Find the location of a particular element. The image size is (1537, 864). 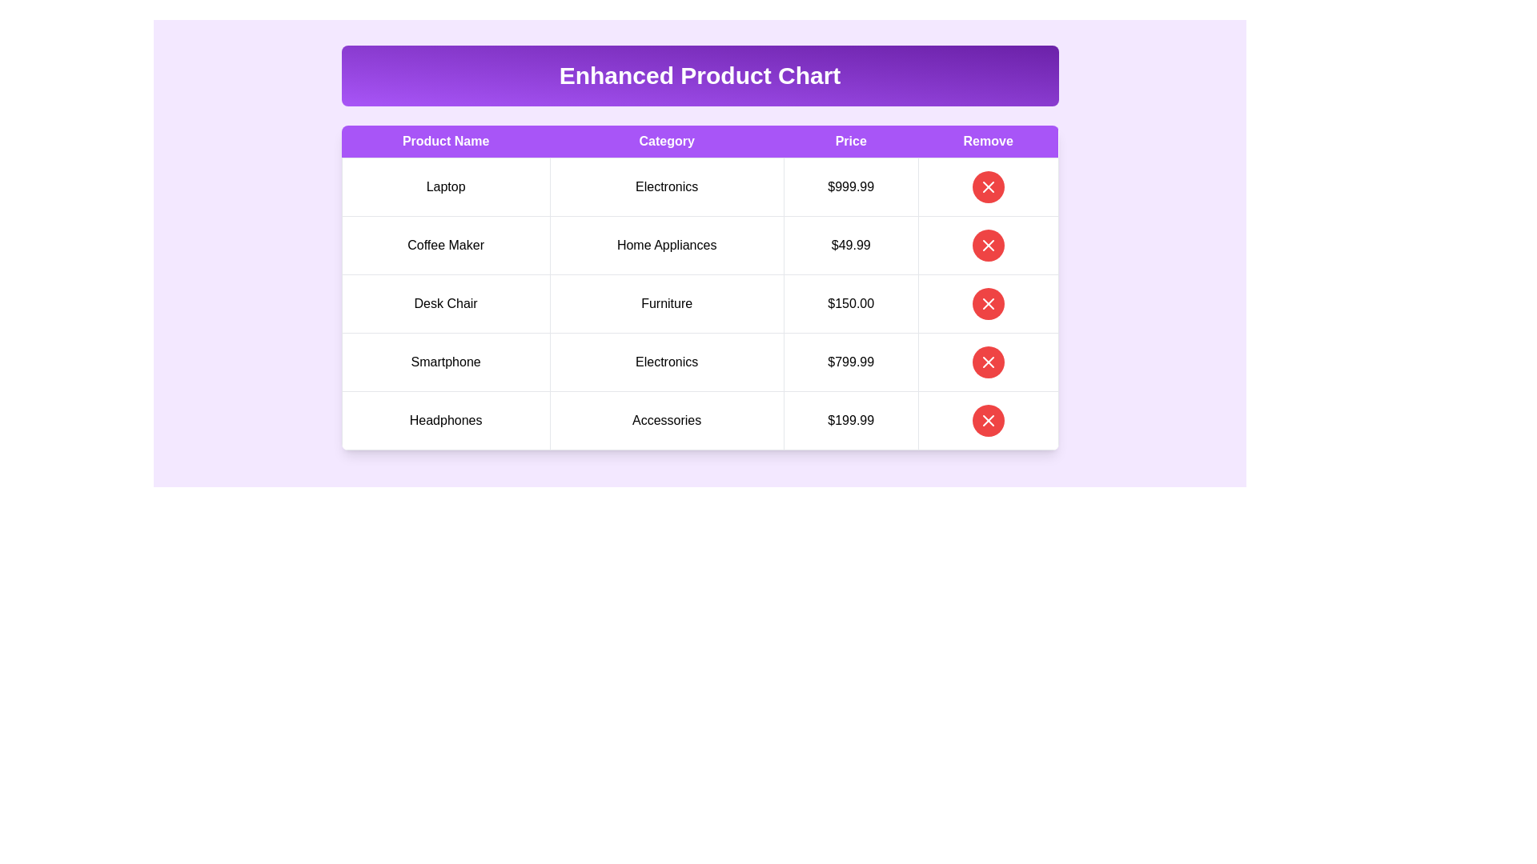

the price text element displaying '$799.99' located in the fourth row of the table under the 'Price' column is located at coordinates (850, 362).